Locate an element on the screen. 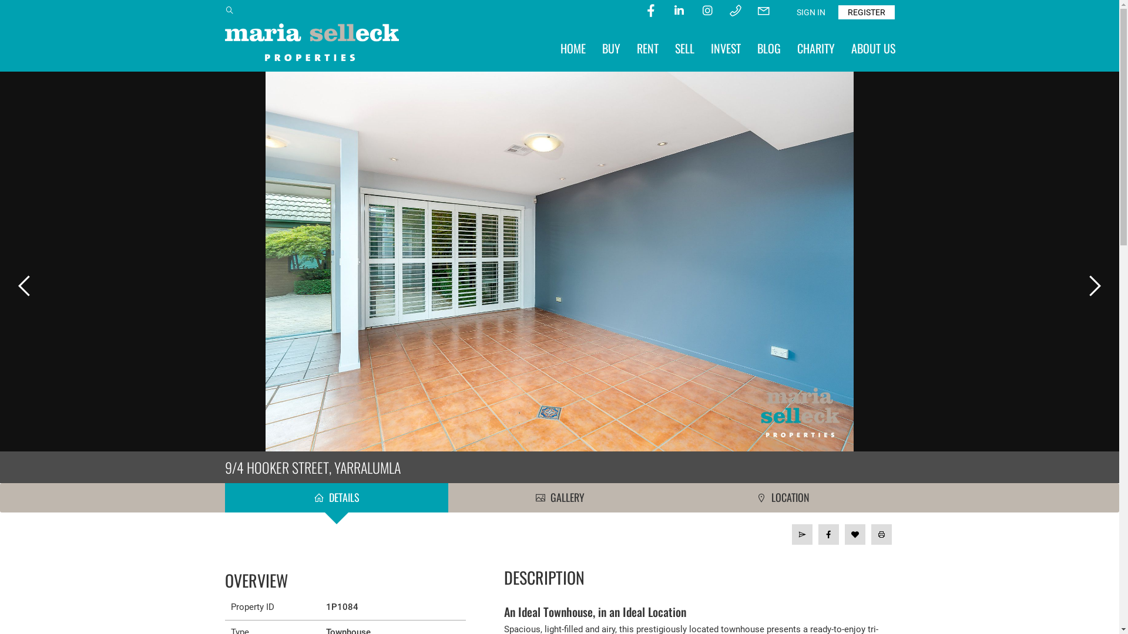 The image size is (1128, 634). 'Email to Friend' is located at coordinates (792, 534).